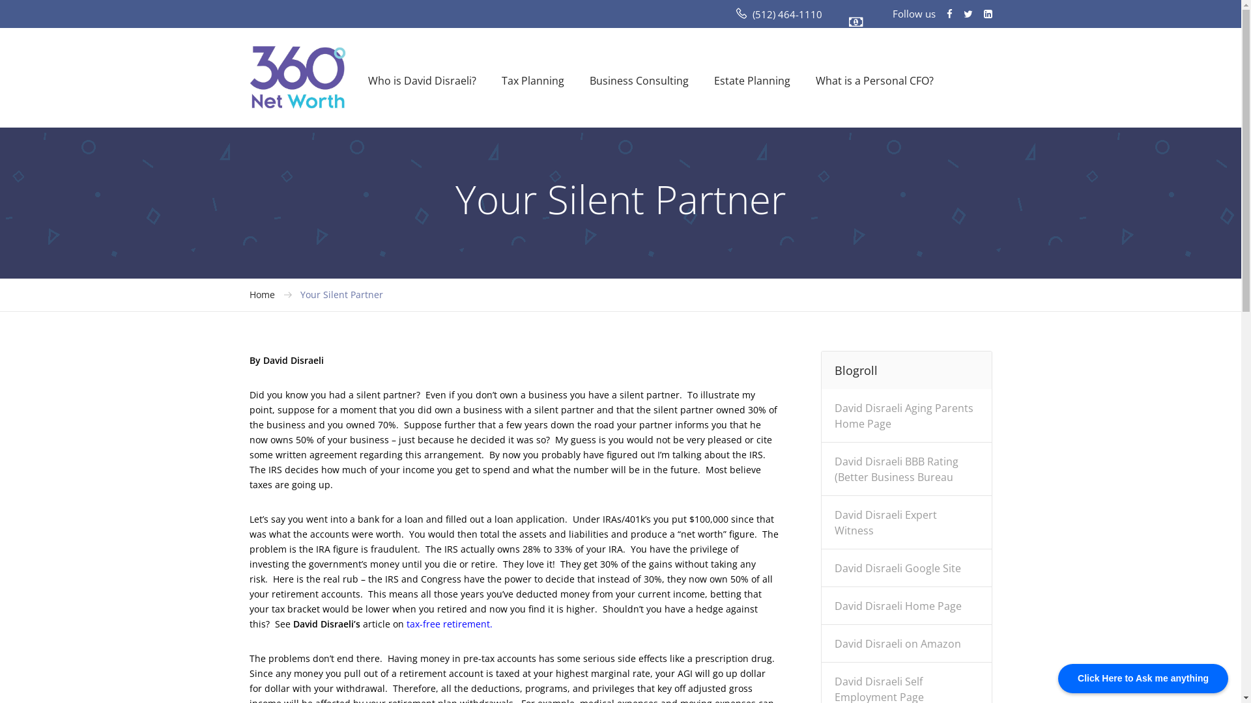  What do you see at coordinates (786, 14) in the screenshot?
I see `'(512) 464-1110'` at bounding box center [786, 14].